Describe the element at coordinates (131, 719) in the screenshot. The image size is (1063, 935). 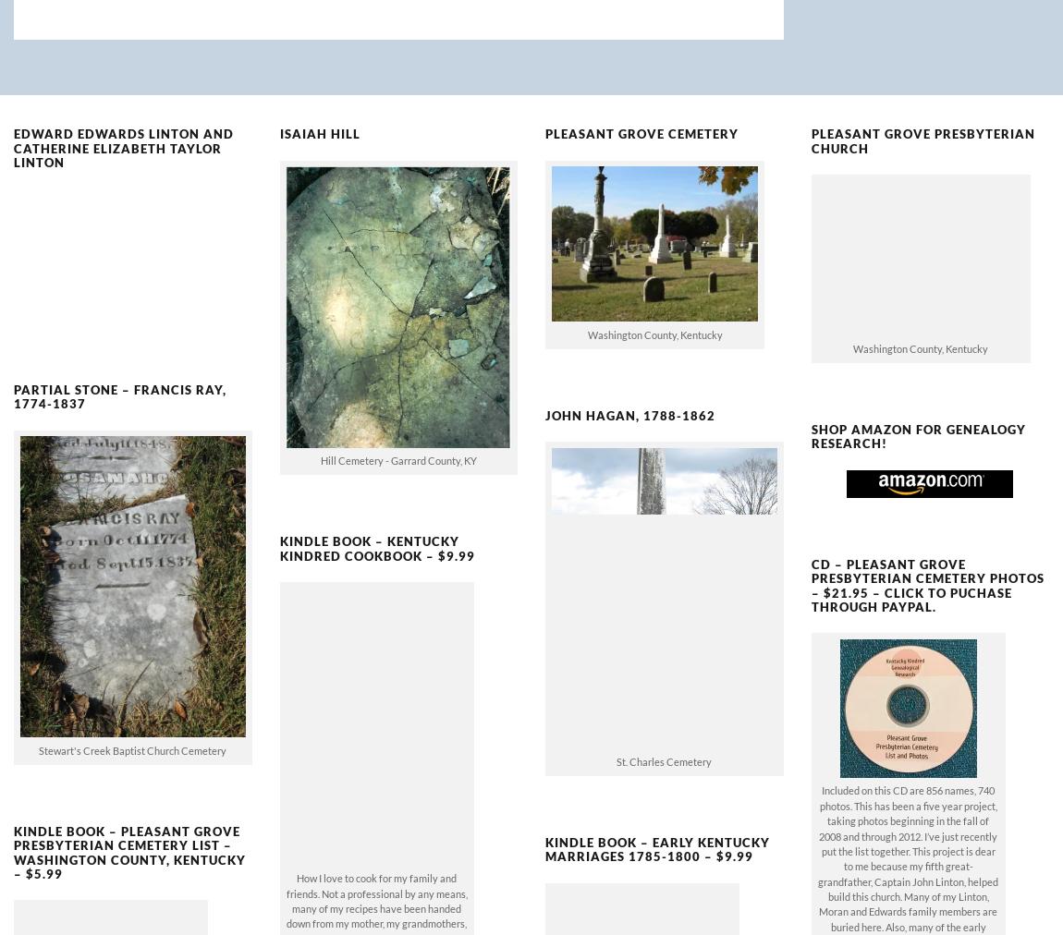
I see `'Stewart's Creek Baptist Church Cemetery'` at that location.